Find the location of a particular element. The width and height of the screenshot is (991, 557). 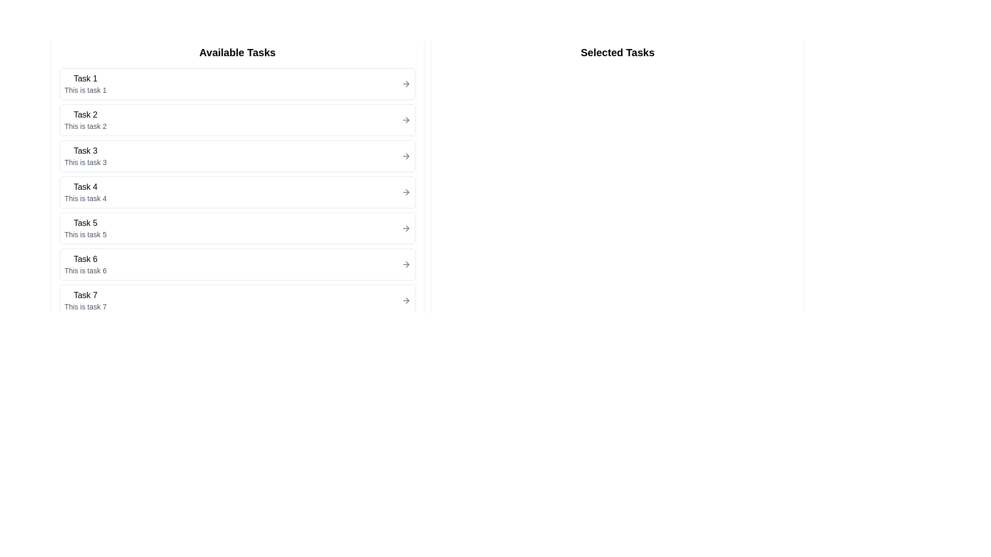

the bold text label reading 'Selected Tasks' located at the top of the right-side panel in the interface is located at coordinates (617, 52).